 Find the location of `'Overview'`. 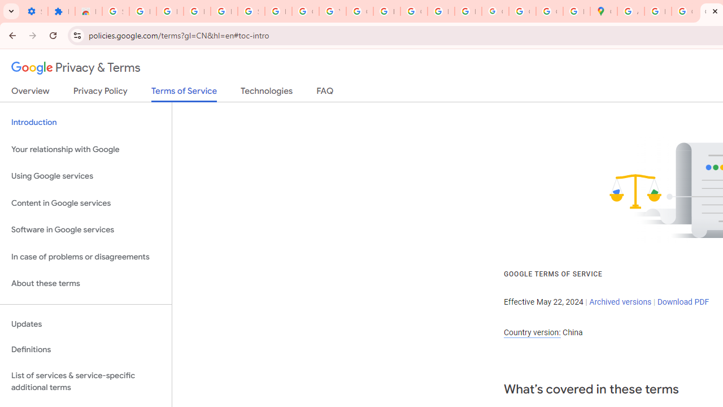

'Overview' is located at coordinates (31, 93).